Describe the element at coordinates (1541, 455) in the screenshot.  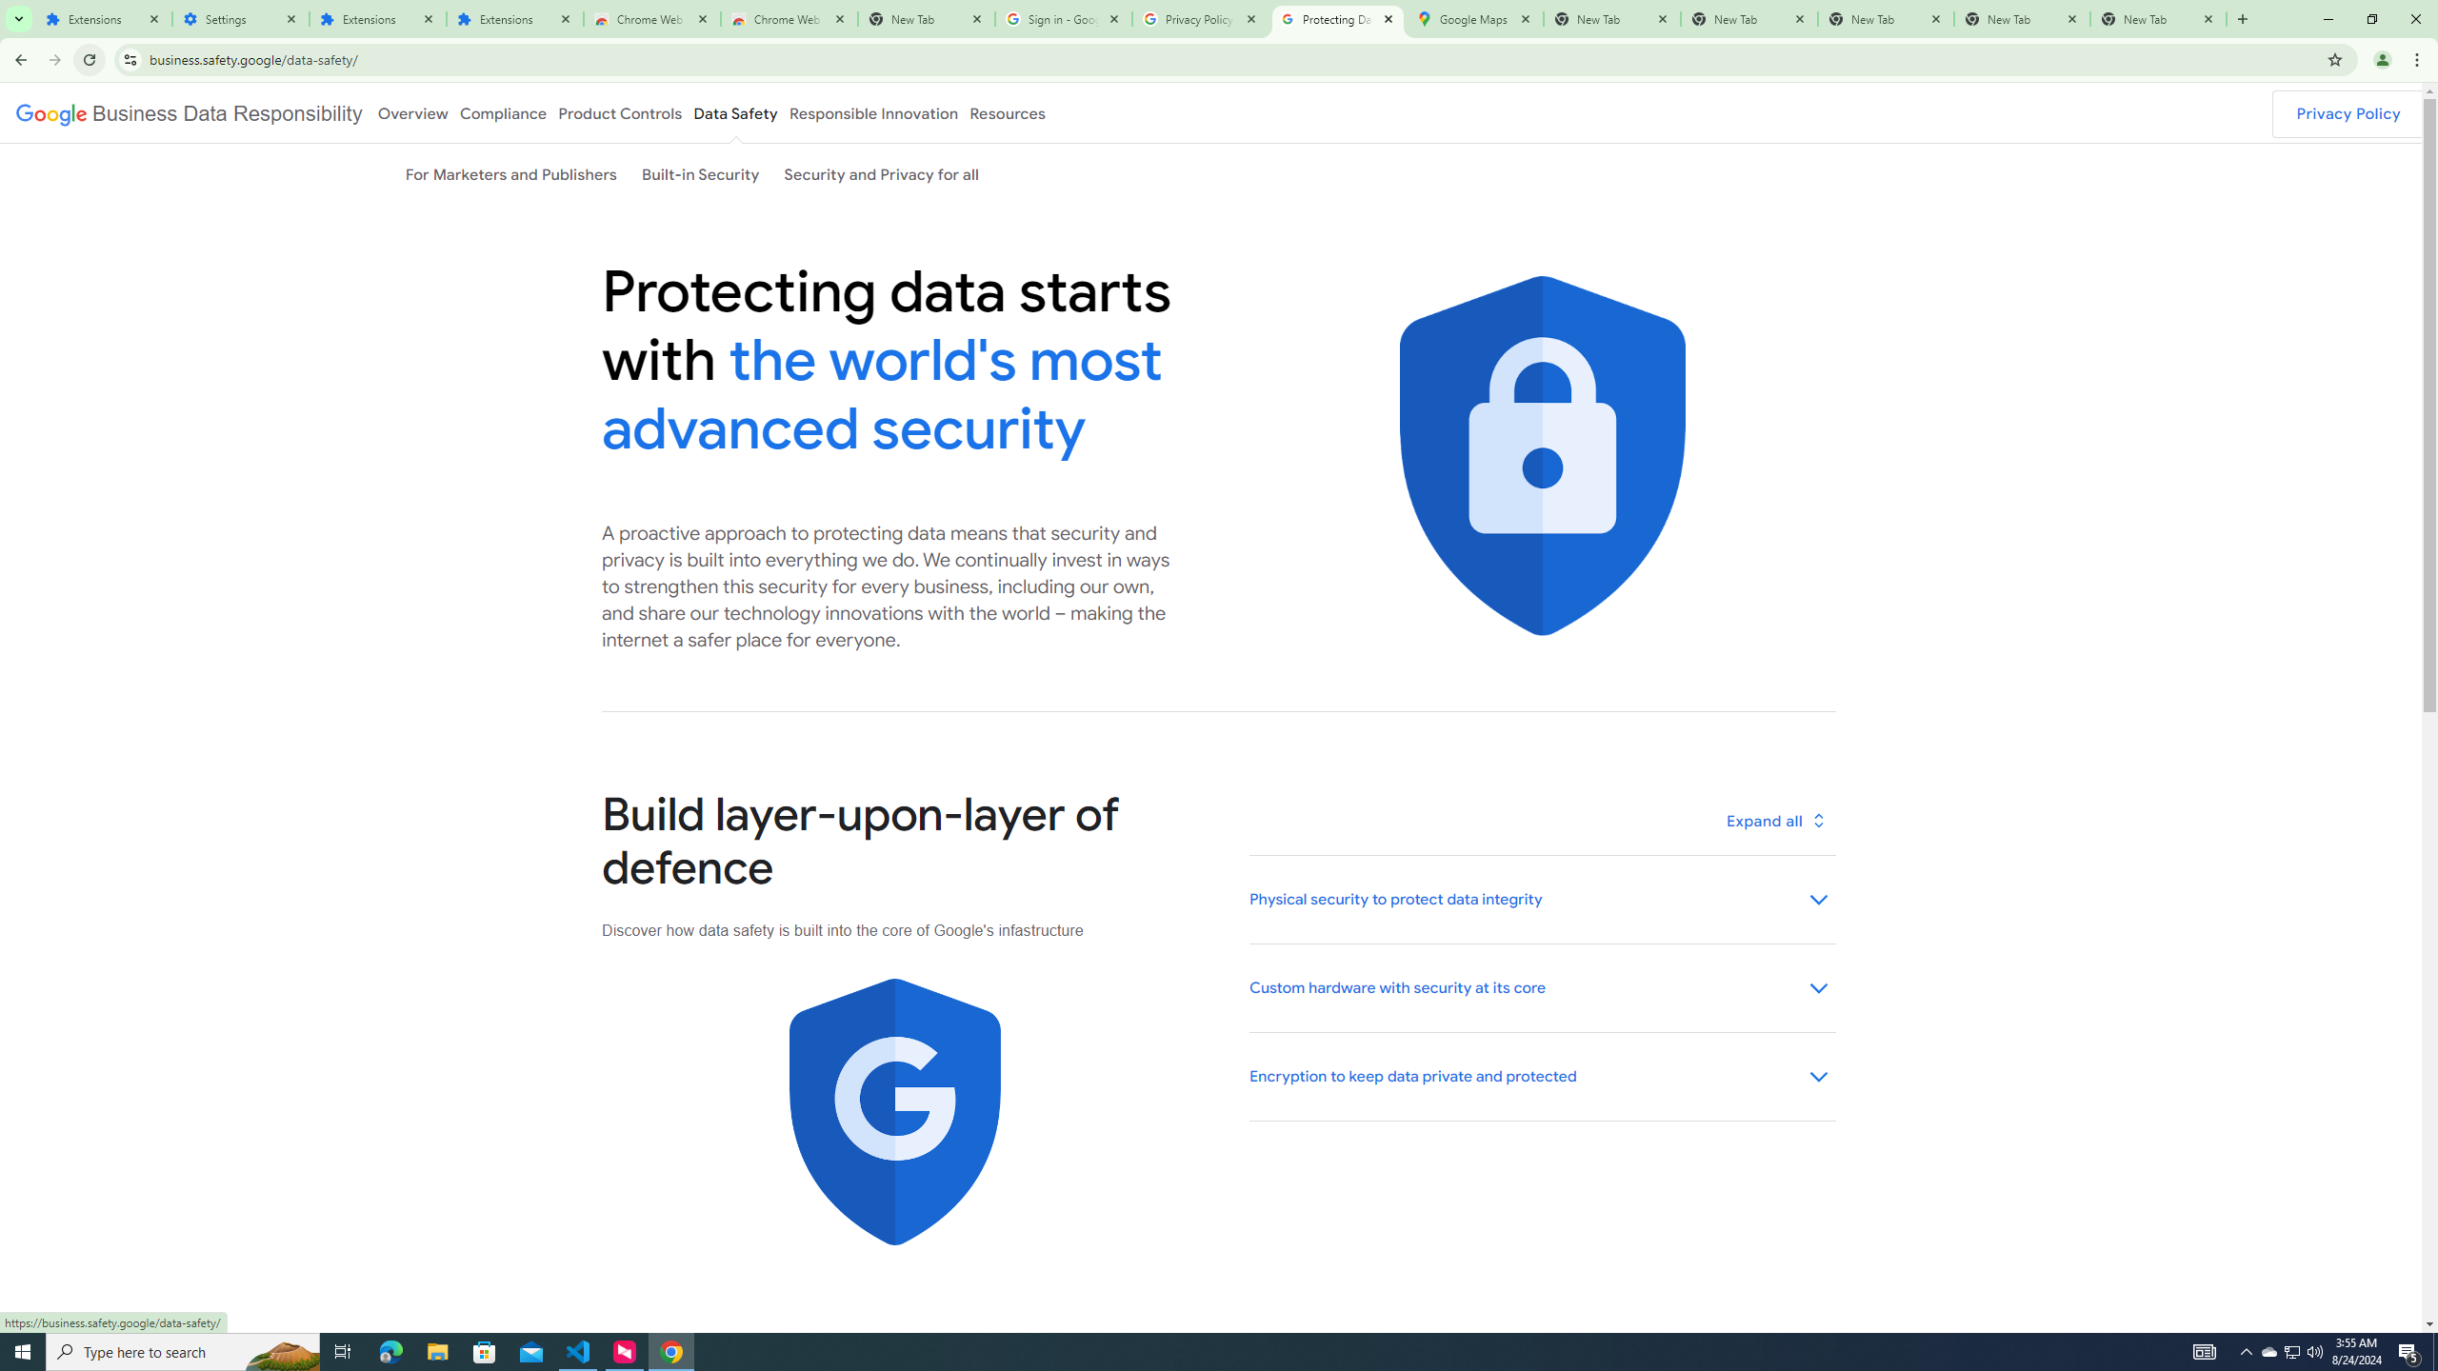
I see `'Blue shield with lock icon'` at that location.